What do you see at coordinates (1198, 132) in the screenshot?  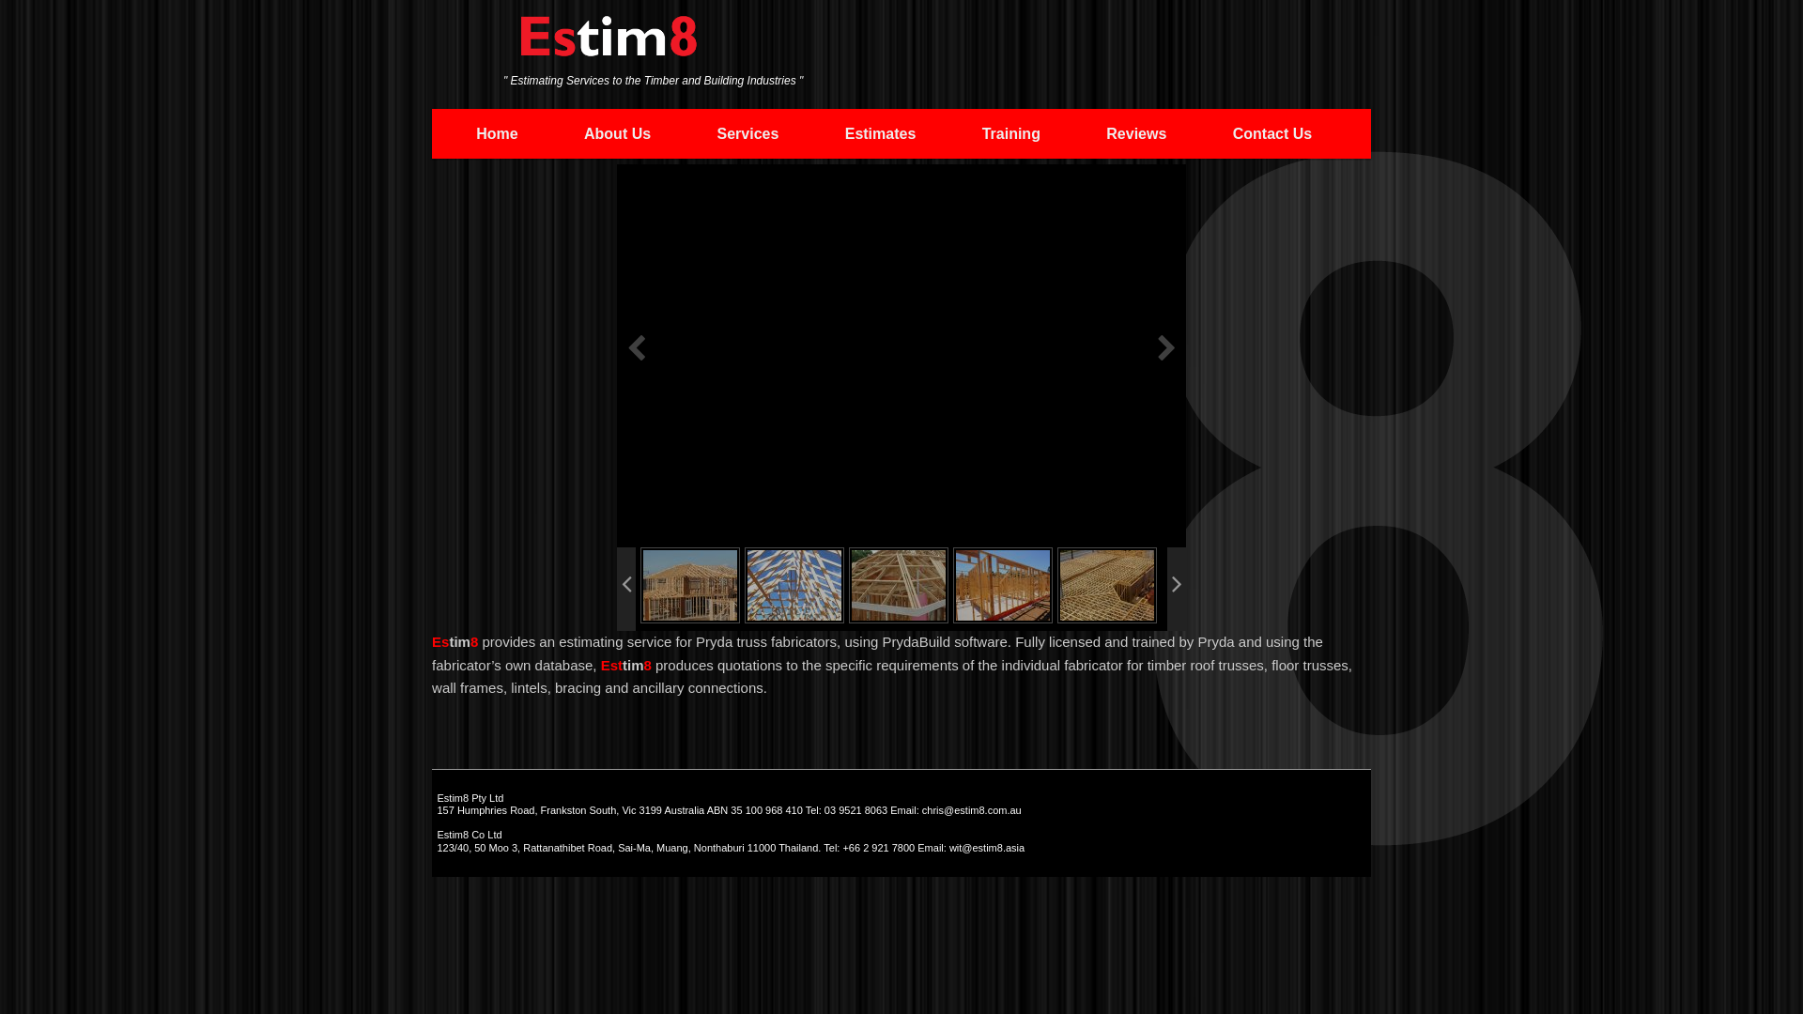 I see `'Contact Us'` at bounding box center [1198, 132].